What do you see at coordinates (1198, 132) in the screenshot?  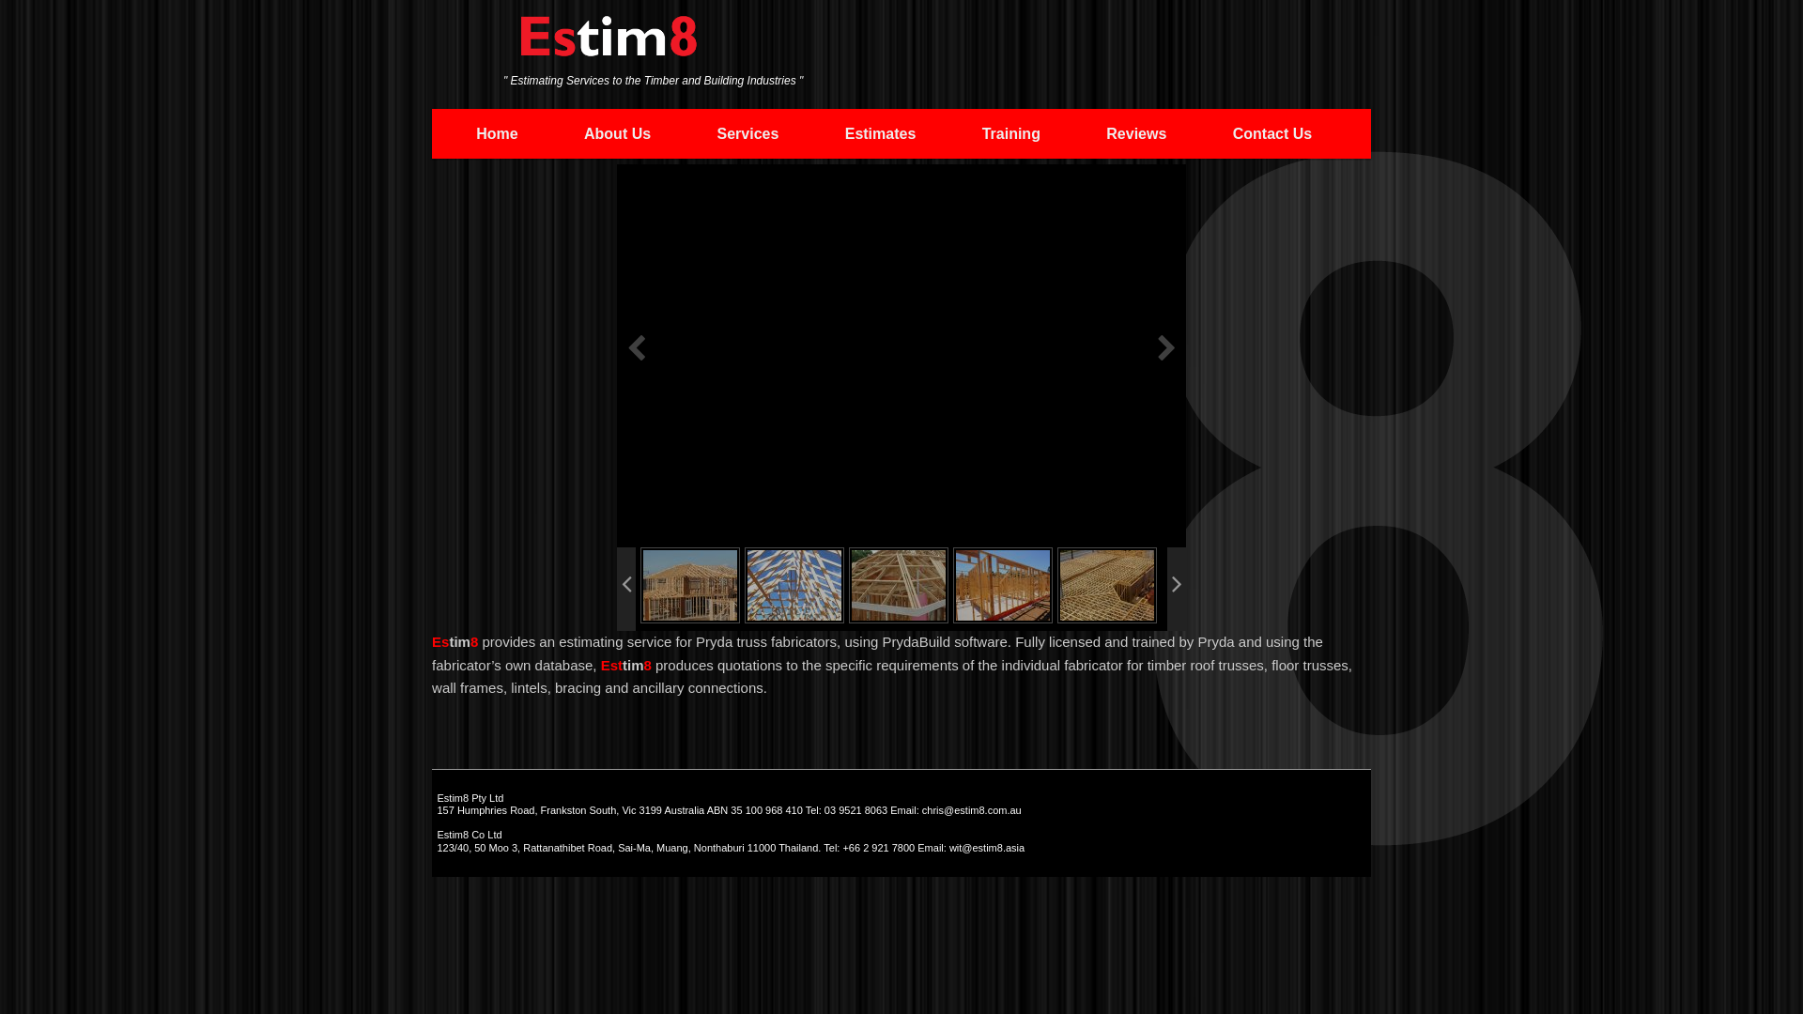 I see `'Contact Us'` at bounding box center [1198, 132].